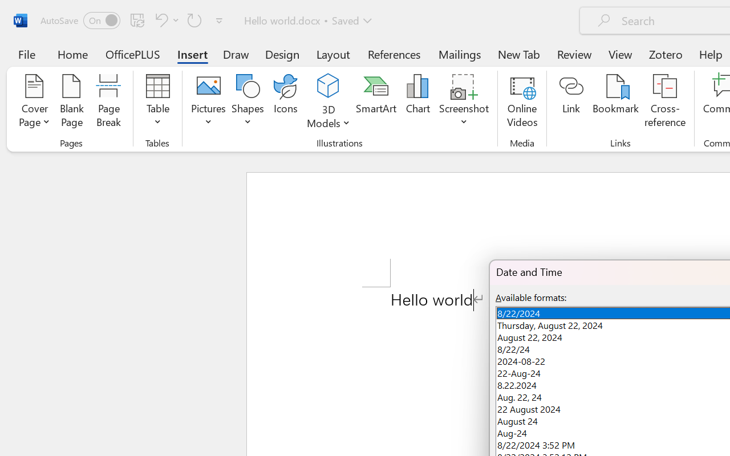  Describe the element at coordinates (328, 102) in the screenshot. I see `'3D Models'` at that location.